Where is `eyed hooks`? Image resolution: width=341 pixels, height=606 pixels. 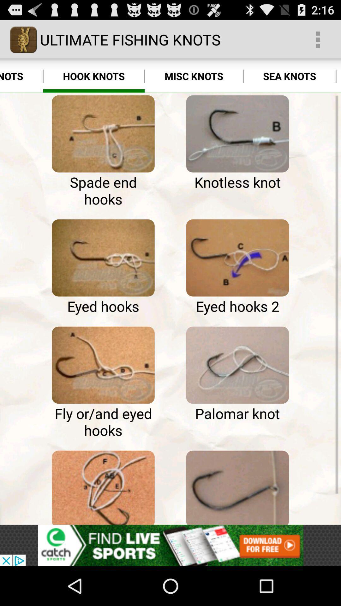 eyed hooks is located at coordinates (103, 258).